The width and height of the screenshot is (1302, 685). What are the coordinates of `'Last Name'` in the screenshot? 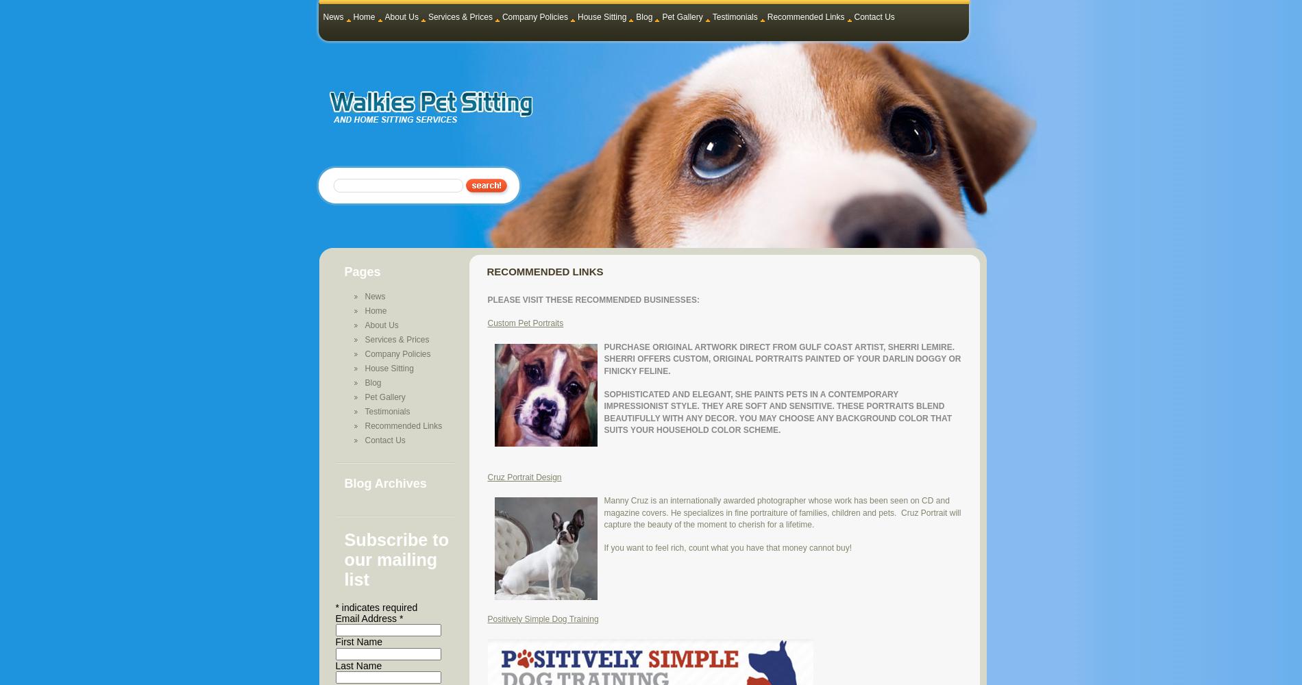 It's located at (358, 664).